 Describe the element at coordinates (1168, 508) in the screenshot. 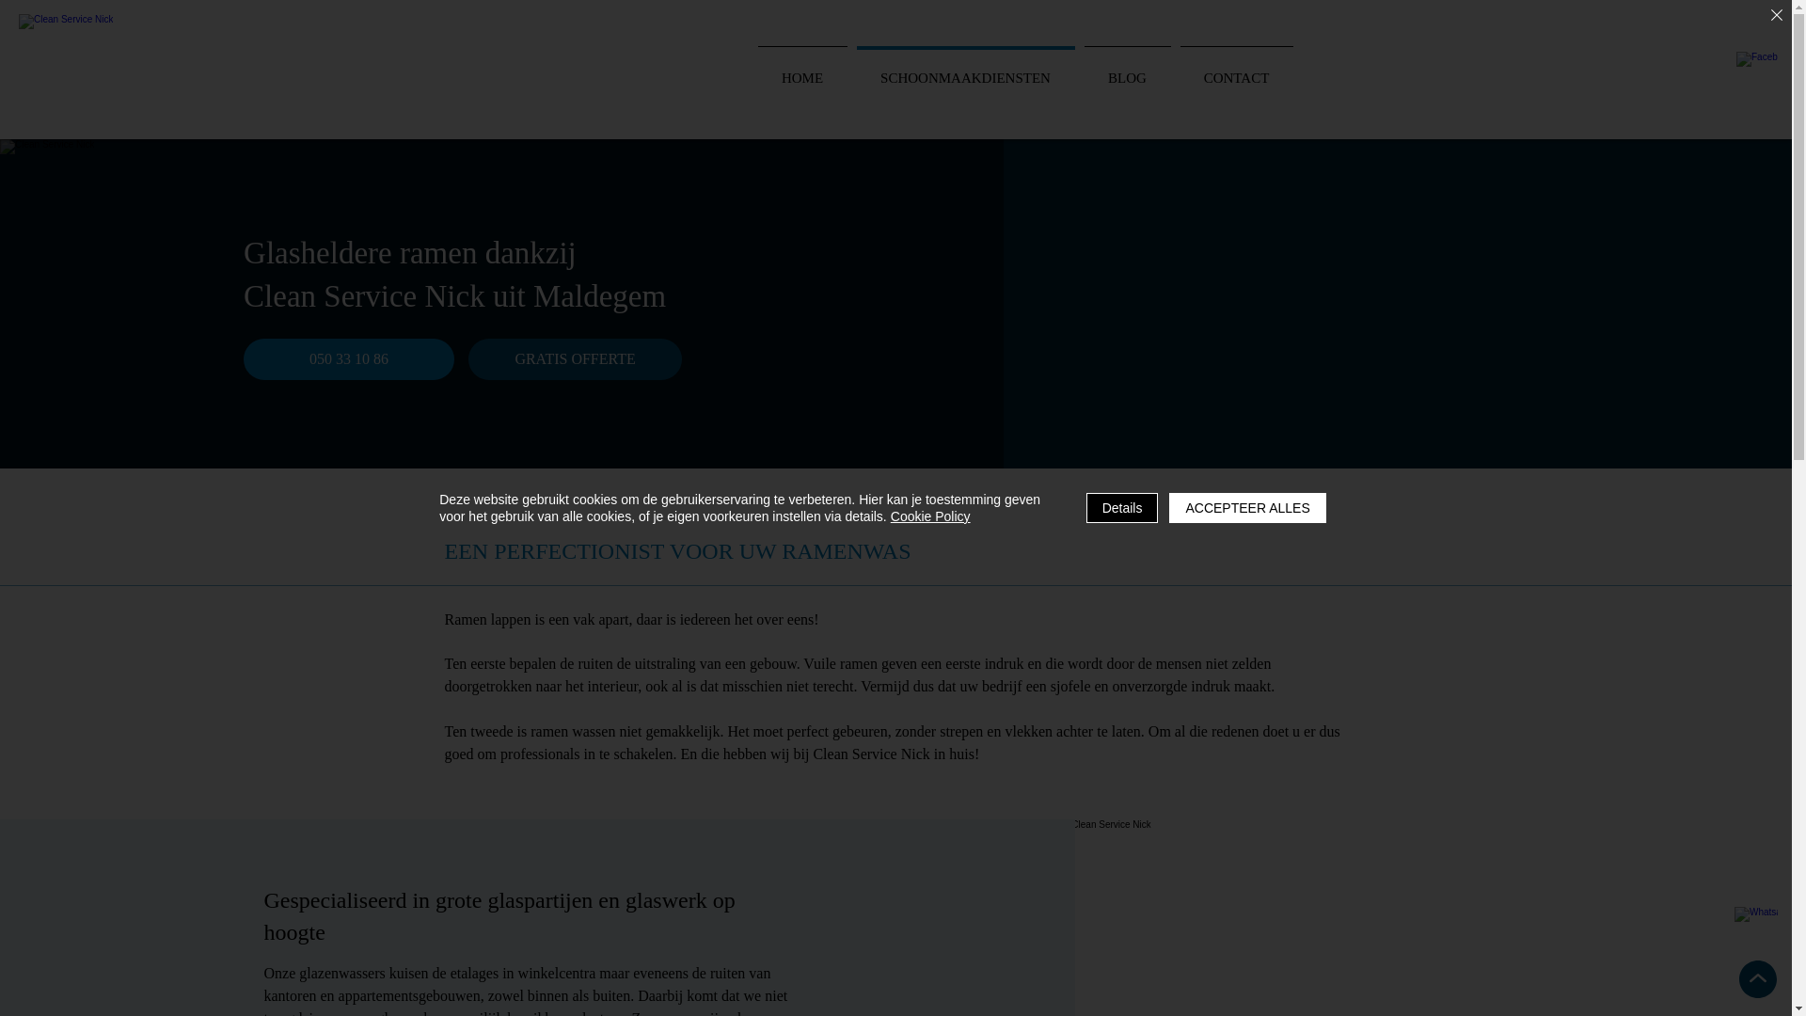

I see `'ACCEPTEER ALLES'` at that location.